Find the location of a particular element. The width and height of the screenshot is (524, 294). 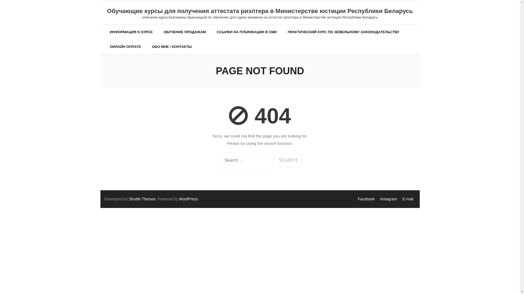

'Facebook' is located at coordinates (366, 199).